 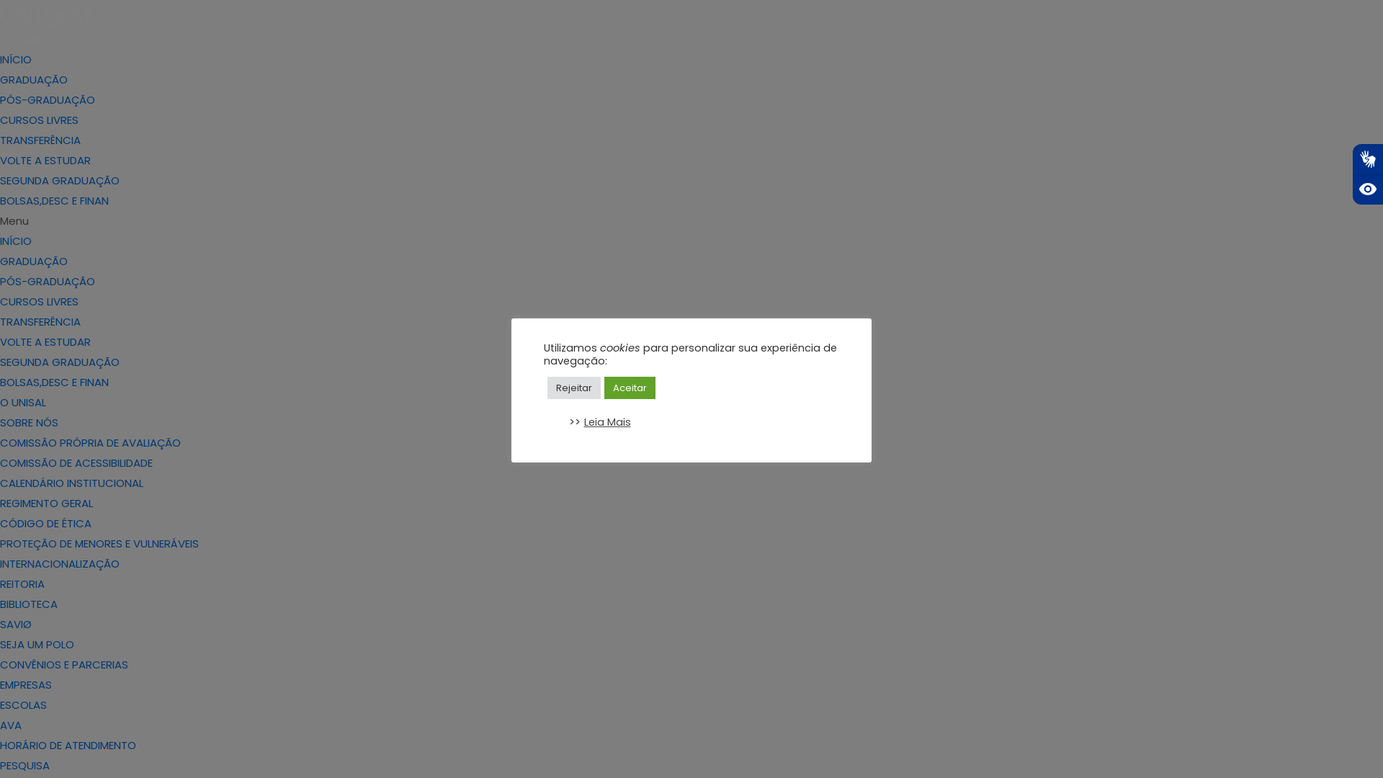 I want to click on 'CURSOS LIVRES', so click(x=0, y=119).